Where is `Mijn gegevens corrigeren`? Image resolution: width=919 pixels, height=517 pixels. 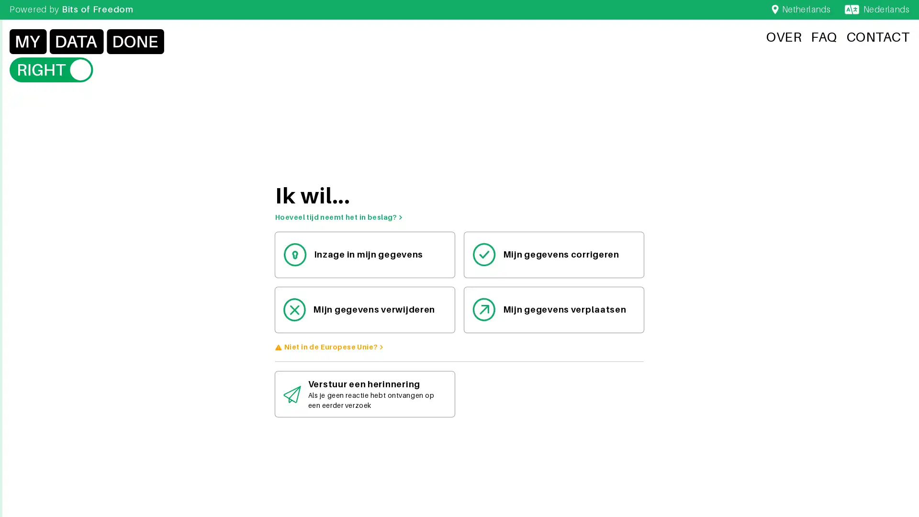 Mijn gegevens corrigeren is located at coordinates (554, 254).